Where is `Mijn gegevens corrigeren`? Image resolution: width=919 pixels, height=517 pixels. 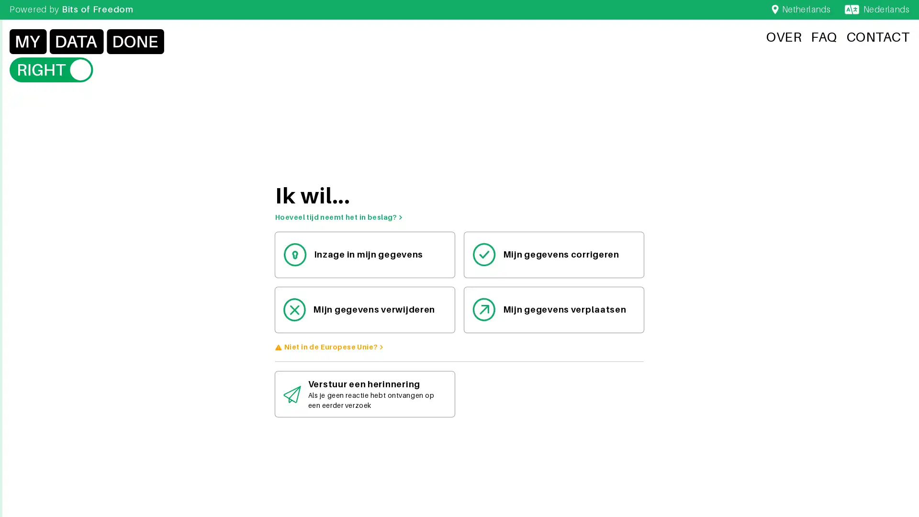 Mijn gegevens corrigeren is located at coordinates (554, 254).